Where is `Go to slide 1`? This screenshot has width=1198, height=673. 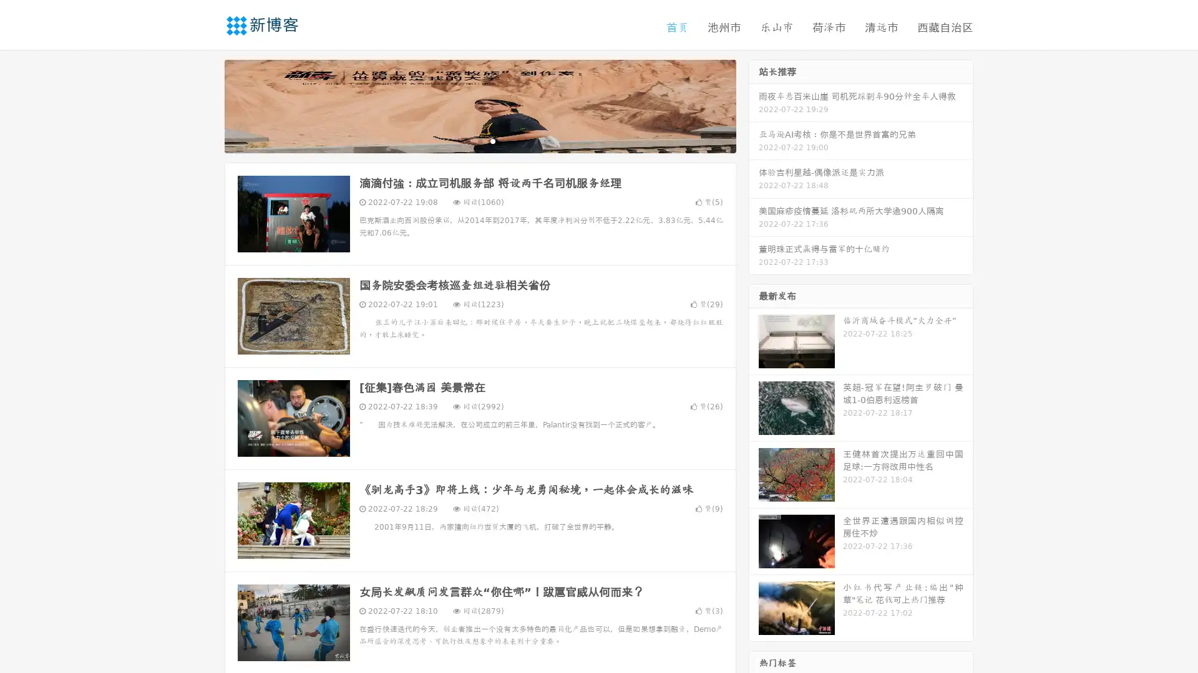 Go to slide 1 is located at coordinates (467, 140).